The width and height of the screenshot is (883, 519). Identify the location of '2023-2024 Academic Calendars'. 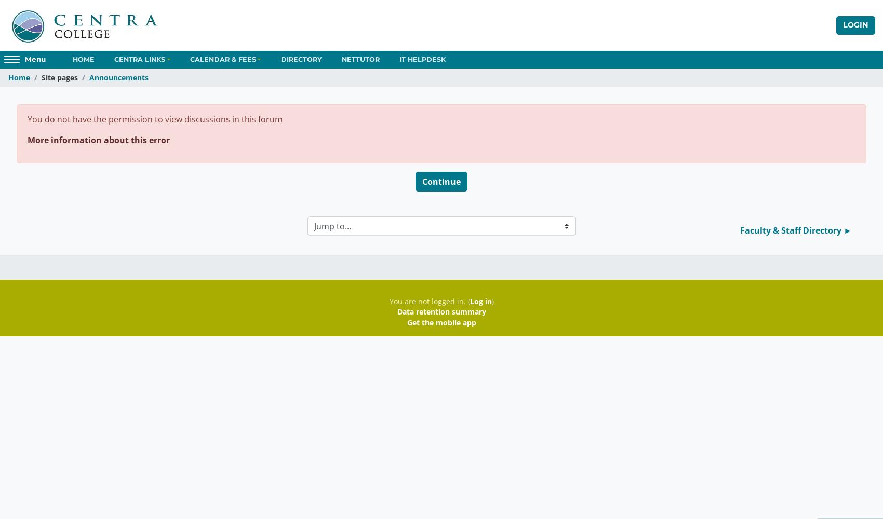
(230, 116).